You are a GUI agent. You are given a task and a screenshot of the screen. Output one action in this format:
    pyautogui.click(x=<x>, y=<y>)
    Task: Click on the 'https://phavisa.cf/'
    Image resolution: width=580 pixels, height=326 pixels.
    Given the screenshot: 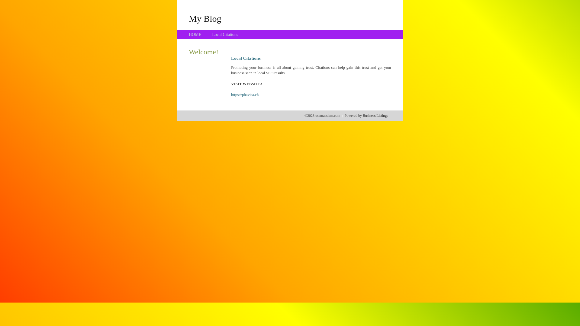 What is the action you would take?
    pyautogui.click(x=245, y=94)
    